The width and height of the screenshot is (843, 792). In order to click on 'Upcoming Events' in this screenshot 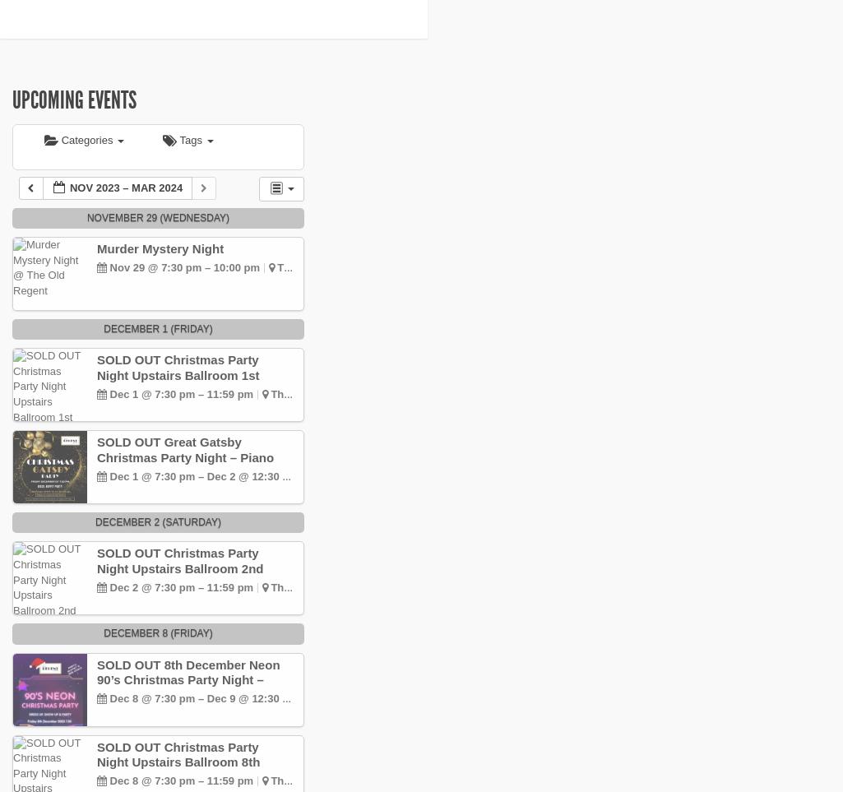, I will do `click(73, 100)`.